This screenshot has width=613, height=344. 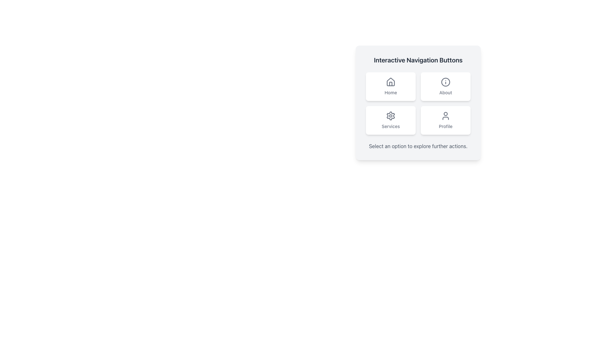 What do you see at coordinates (418, 146) in the screenshot?
I see `the static informational message located below the grid of buttons labeled 'Home', 'About', 'Services', and 'Profile', which guides users to choose an option to proceed` at bounding box center [418, 146].